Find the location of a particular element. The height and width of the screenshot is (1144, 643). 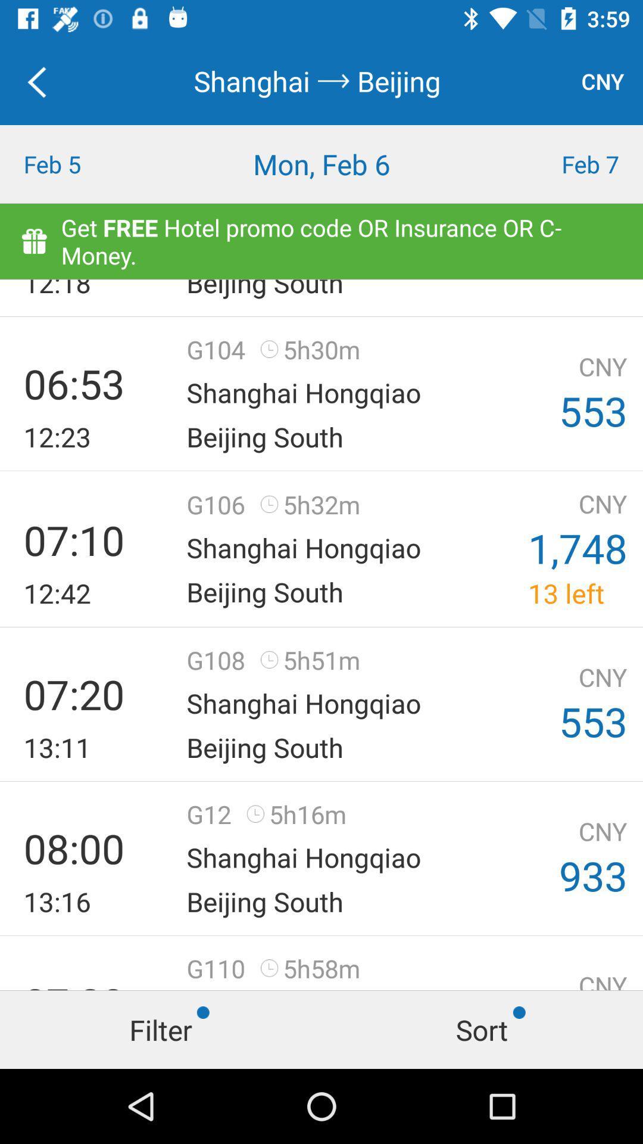

the icon to the left of feb 7 item is located at coordinates (321, 163).